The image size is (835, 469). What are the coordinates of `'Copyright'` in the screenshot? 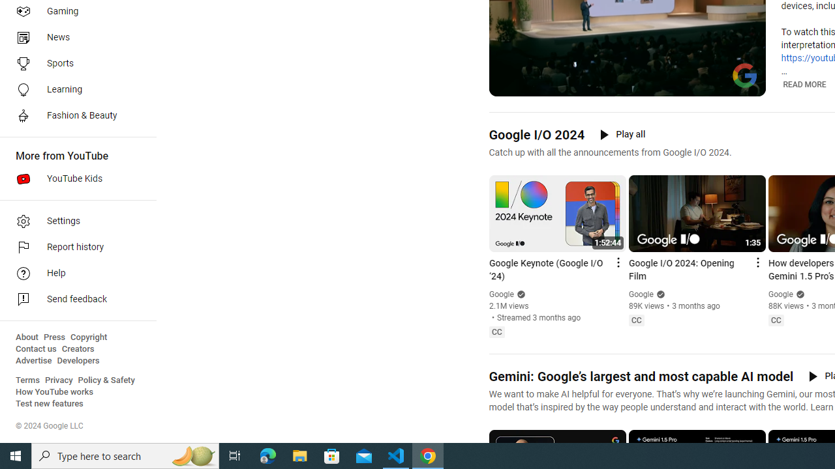 It's located at (88, 337).